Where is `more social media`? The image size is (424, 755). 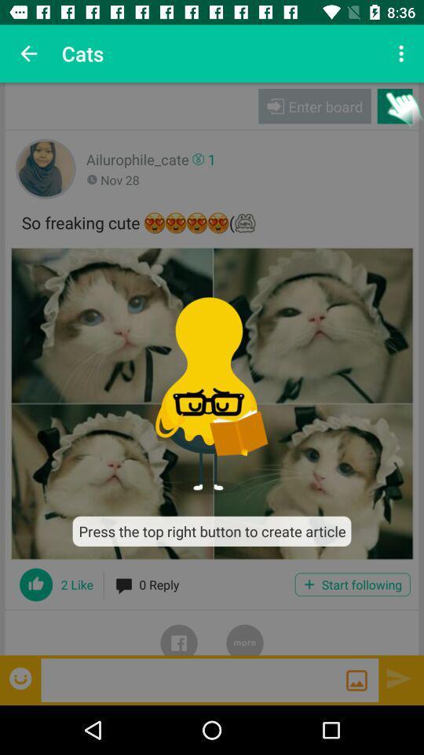
more social media is located at coordinates (245, 632).